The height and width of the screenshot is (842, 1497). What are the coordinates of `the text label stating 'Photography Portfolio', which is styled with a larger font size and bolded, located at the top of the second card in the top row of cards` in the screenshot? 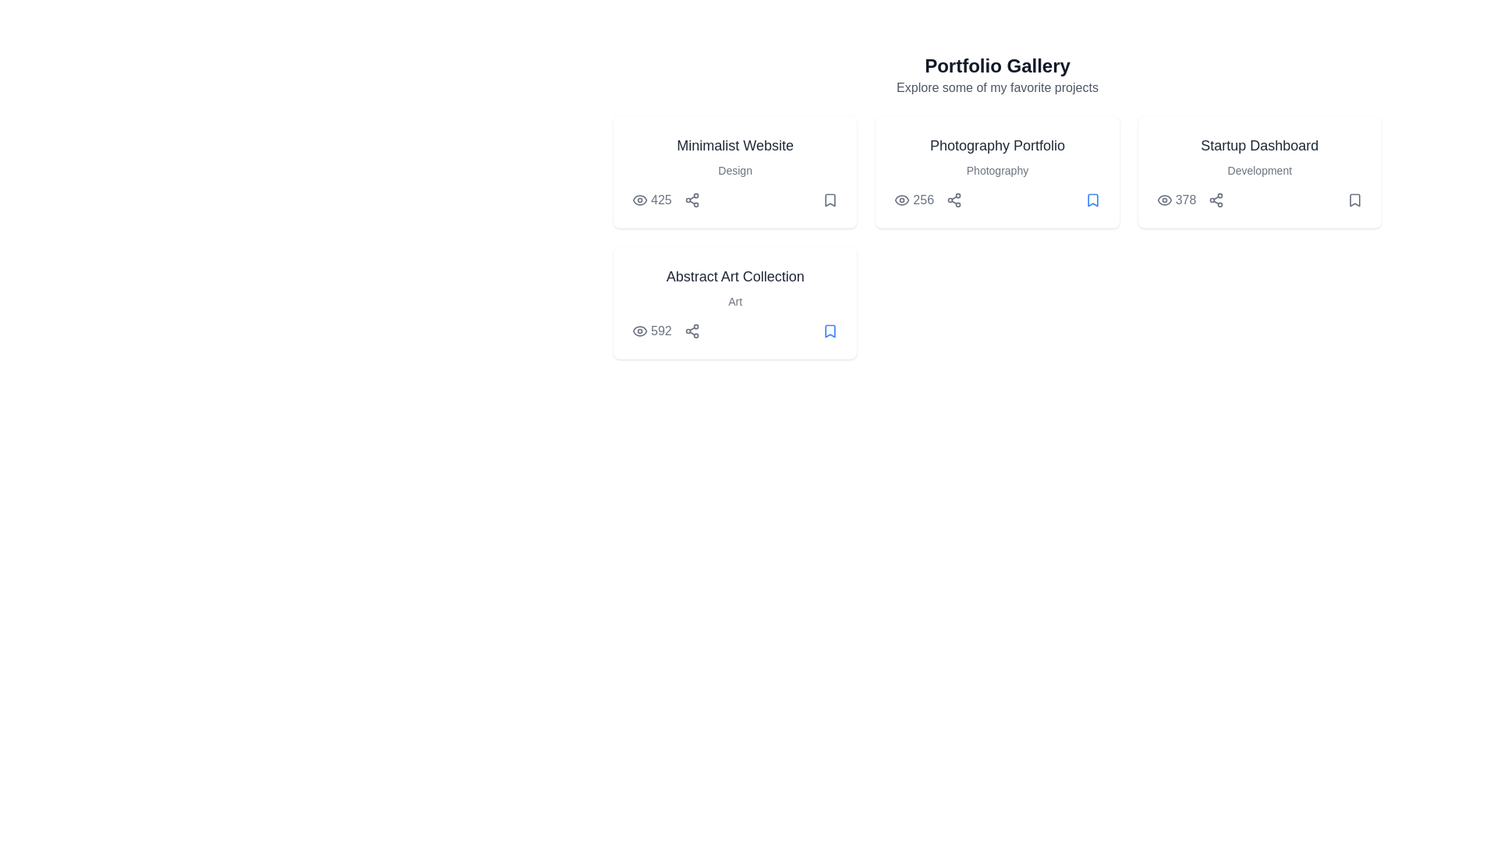 It's located at (996, 145).